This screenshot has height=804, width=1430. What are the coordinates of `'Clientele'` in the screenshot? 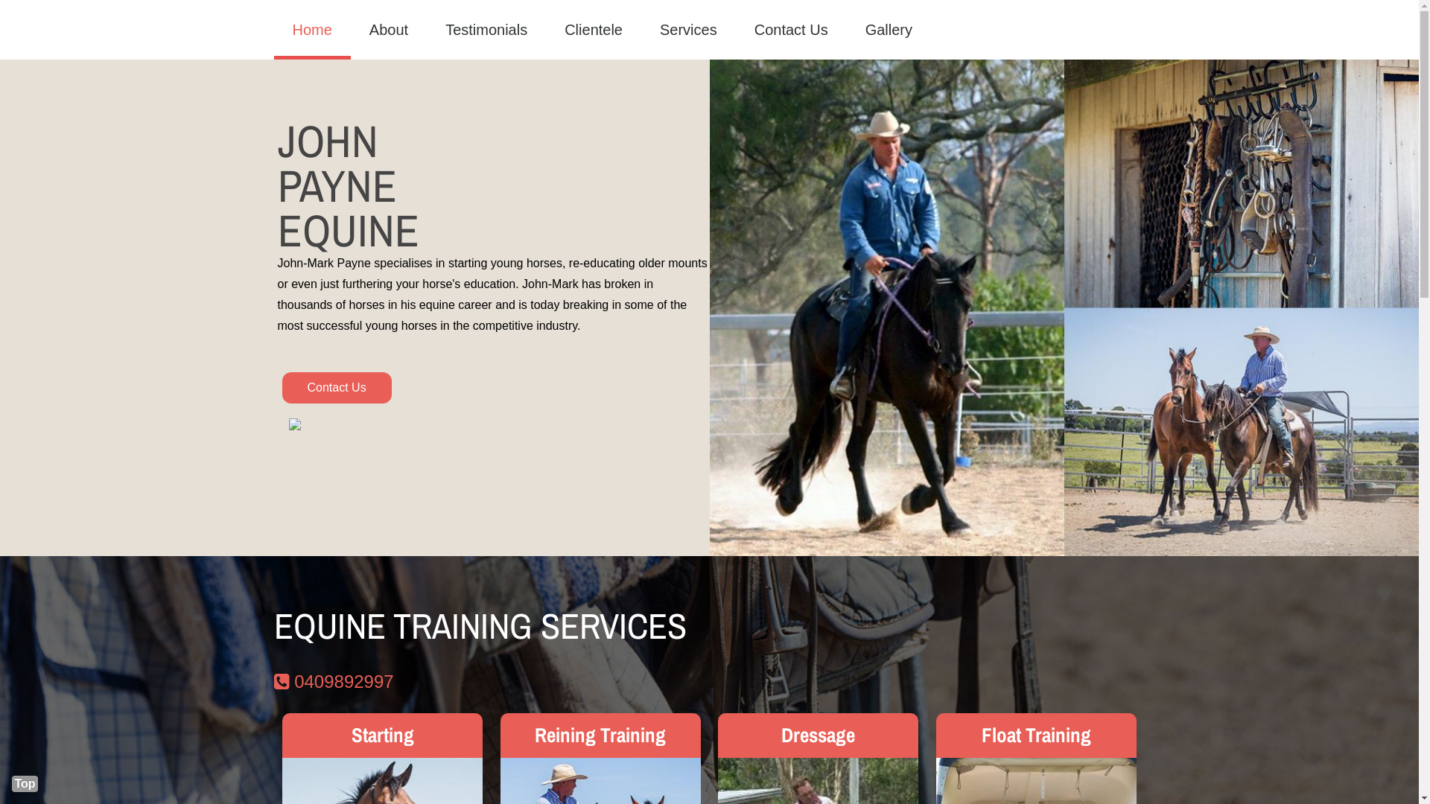 It's located at (592, 29).